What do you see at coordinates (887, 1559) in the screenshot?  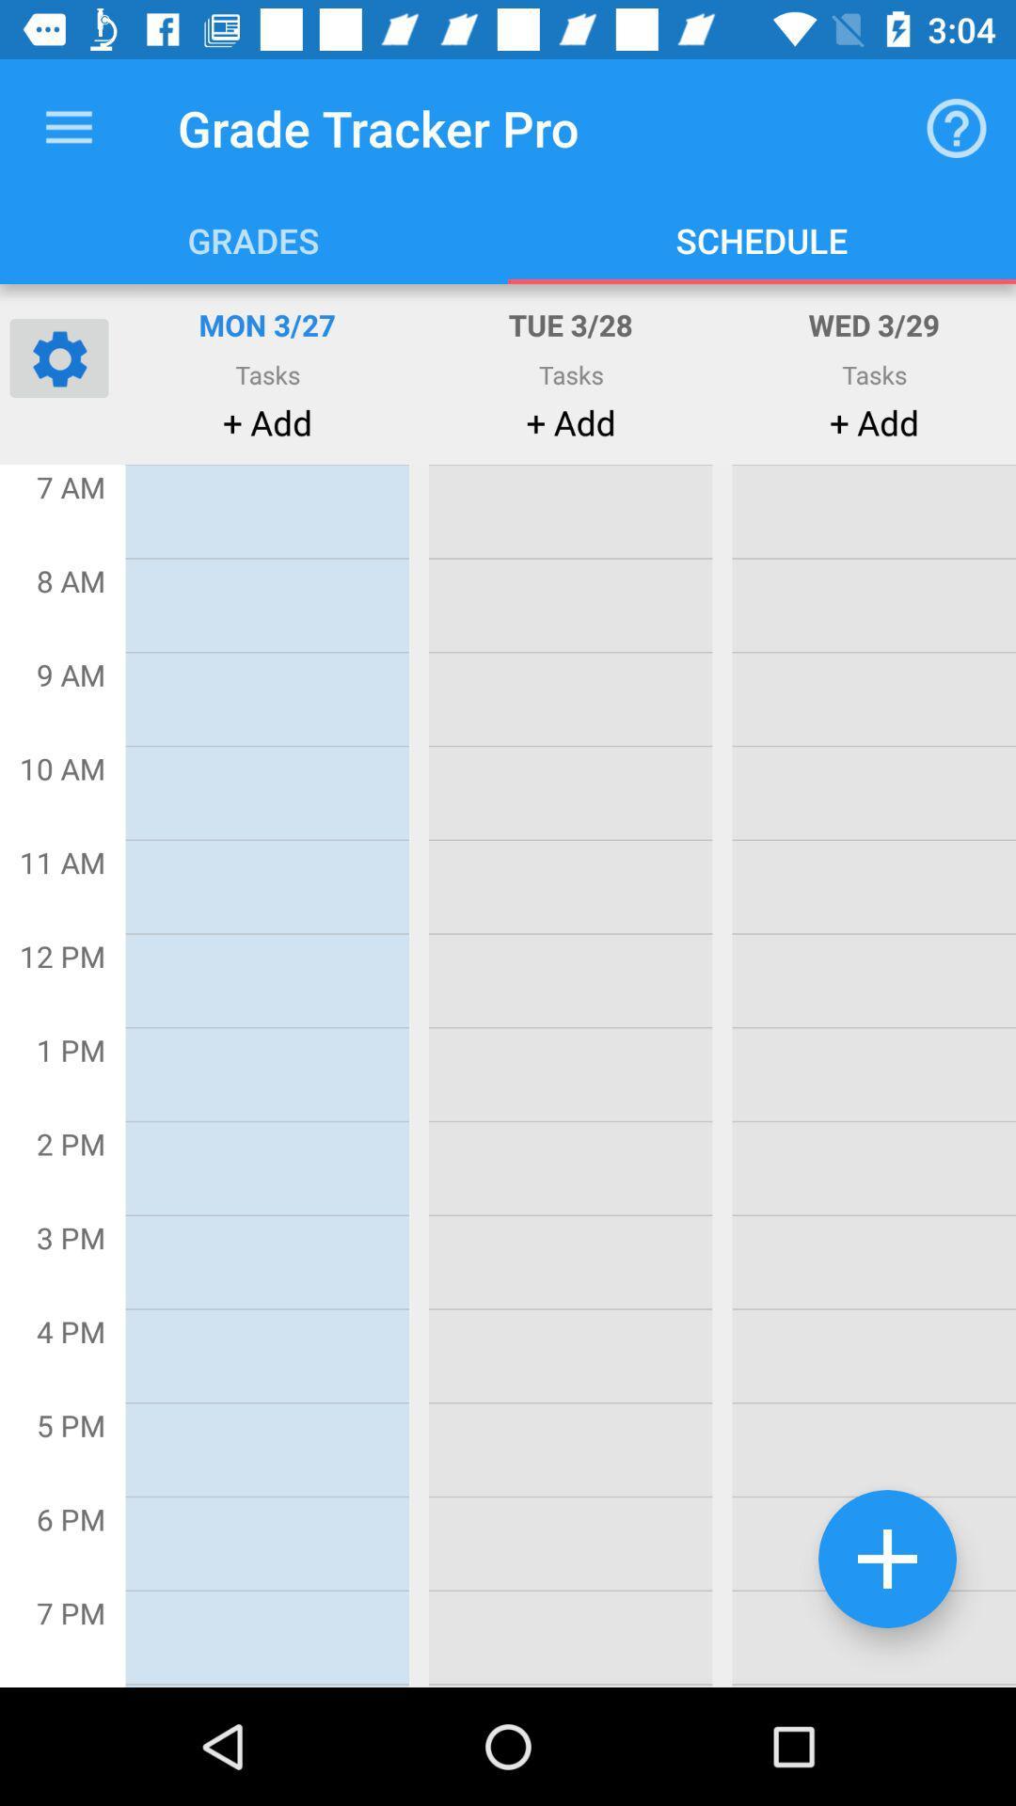 I see `task` at bounding box center [887, 1559].